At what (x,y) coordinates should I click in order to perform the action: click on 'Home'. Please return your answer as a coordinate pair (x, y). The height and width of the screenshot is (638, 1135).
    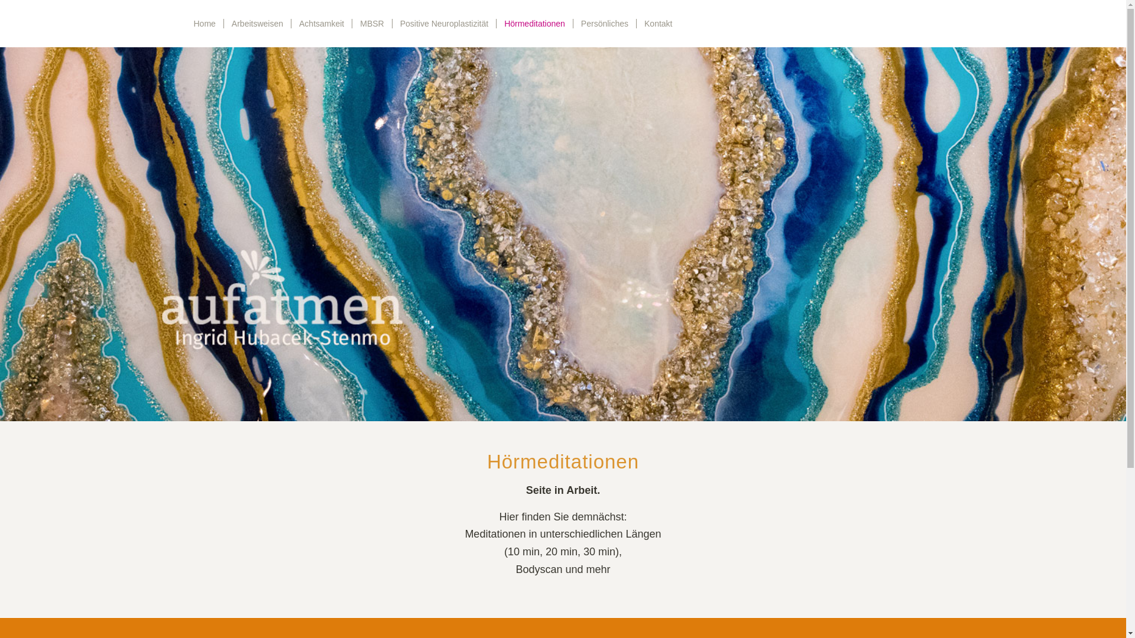
    Looking at the image, I should click on (204, 23).